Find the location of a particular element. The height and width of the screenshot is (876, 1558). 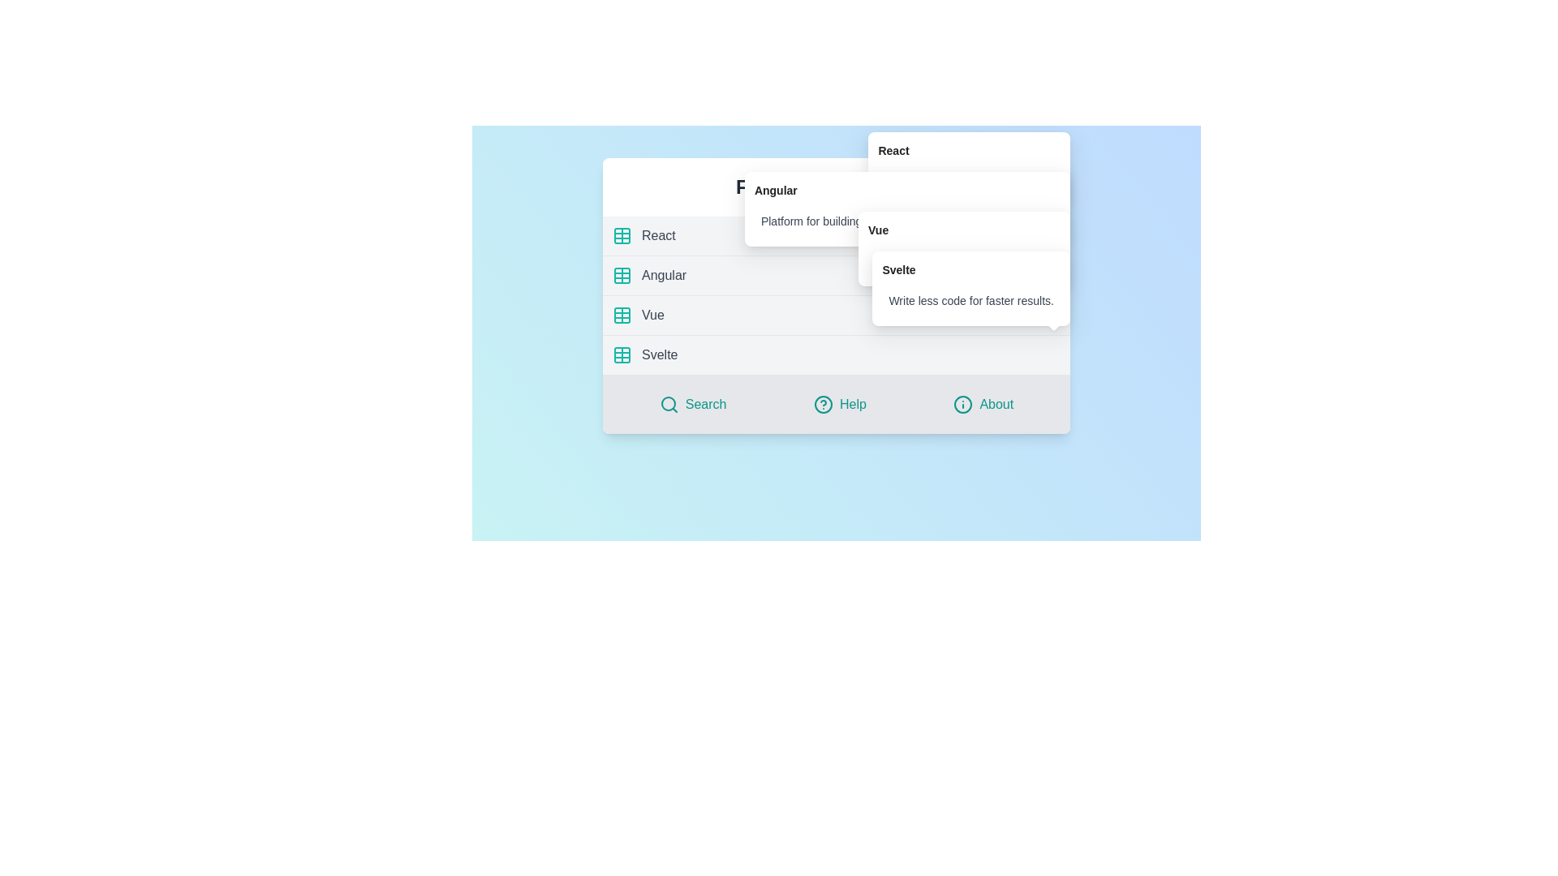

the interactive list item labeled 'Svelte' is located at coordinates (837, 354).